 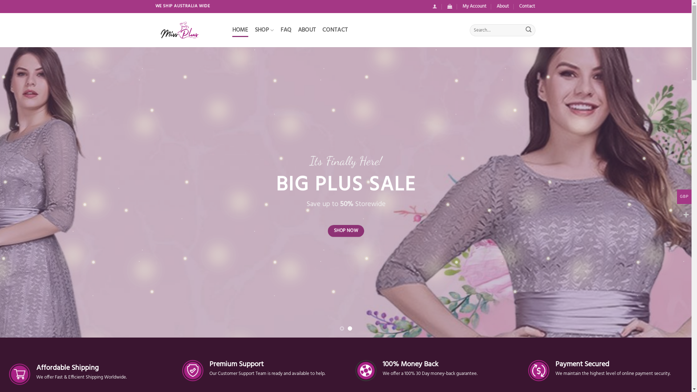 I want to click on 'HOME', so click(x=240, y=30).